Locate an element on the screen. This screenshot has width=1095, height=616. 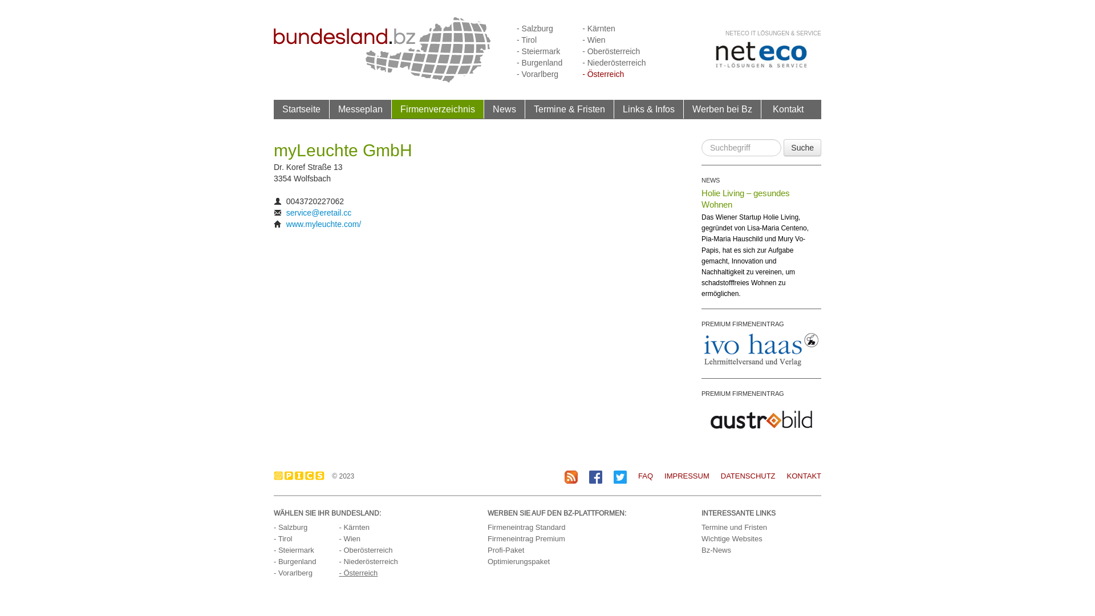
'DATENSCHUTZ' is located at coordinates (748, 475).